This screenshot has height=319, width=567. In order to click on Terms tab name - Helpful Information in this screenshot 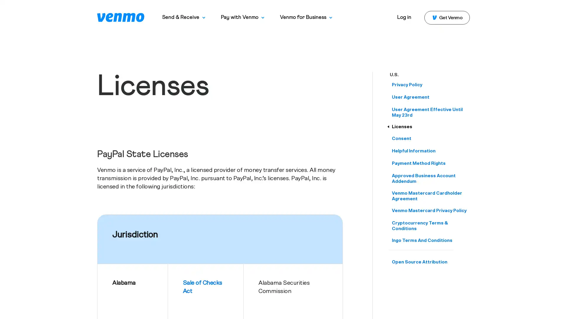, I will do `click(431, 151)`.